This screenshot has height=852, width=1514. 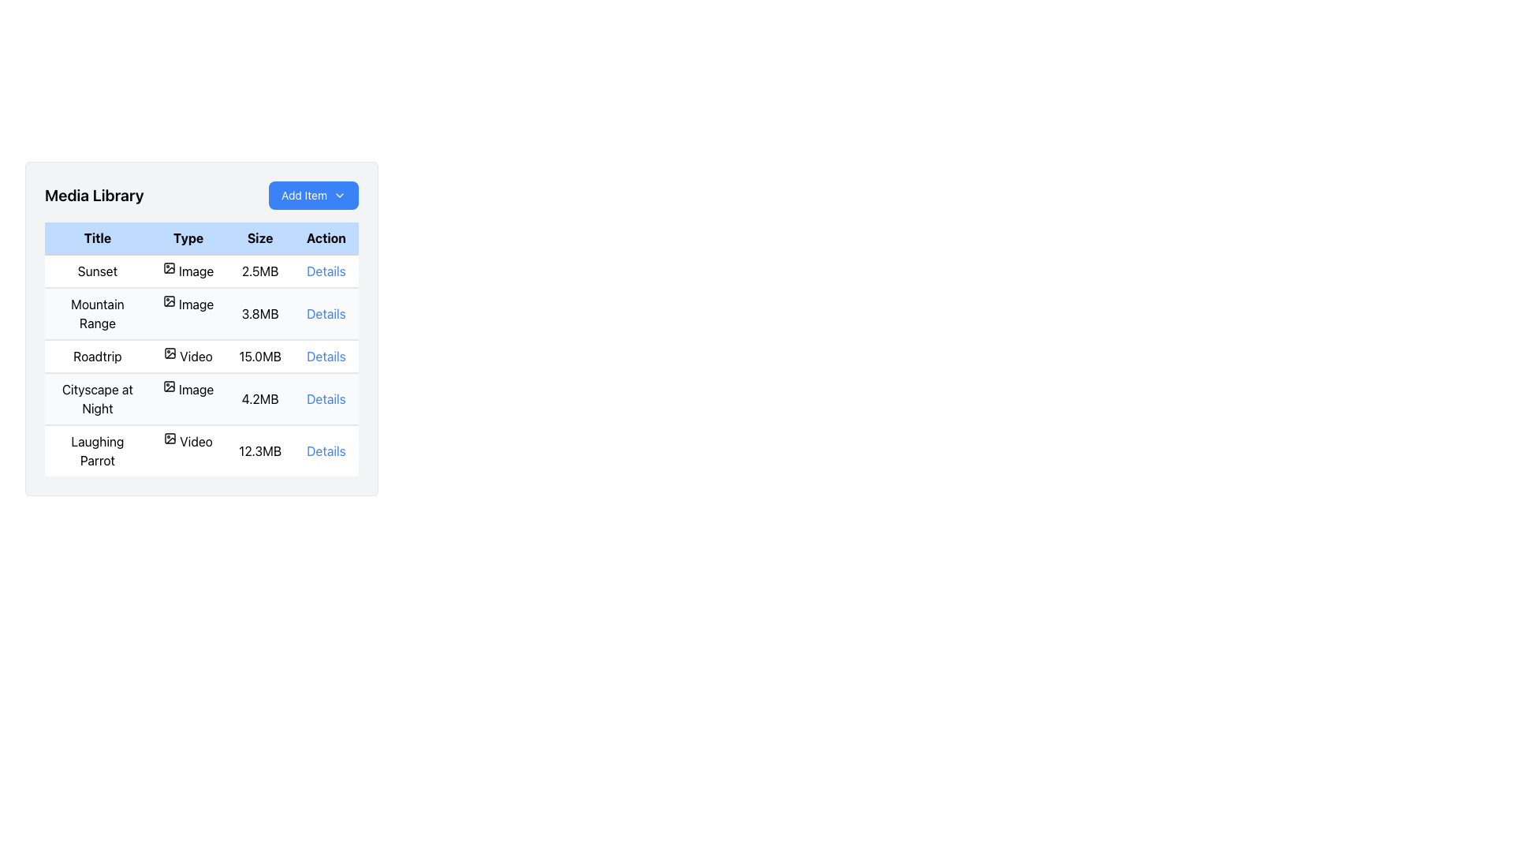 What do you see at coordinates (325, 450) in the screenshot?
I see `the last link in the 'Action' column of the table associated with the 'Laughing Parrot' entry` at bounding box center [325, 450].